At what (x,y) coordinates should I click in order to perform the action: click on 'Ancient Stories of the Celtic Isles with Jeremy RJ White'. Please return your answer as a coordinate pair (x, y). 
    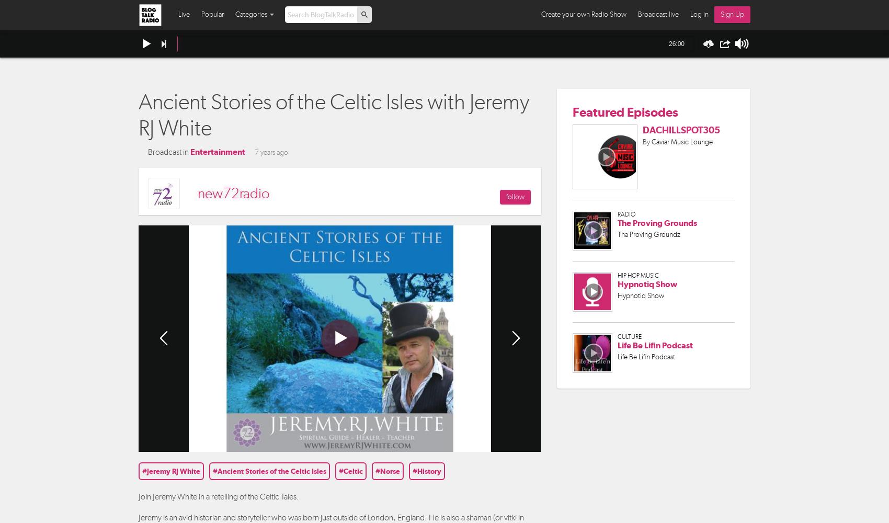
    Looking at the image, I should click on (334, 114).